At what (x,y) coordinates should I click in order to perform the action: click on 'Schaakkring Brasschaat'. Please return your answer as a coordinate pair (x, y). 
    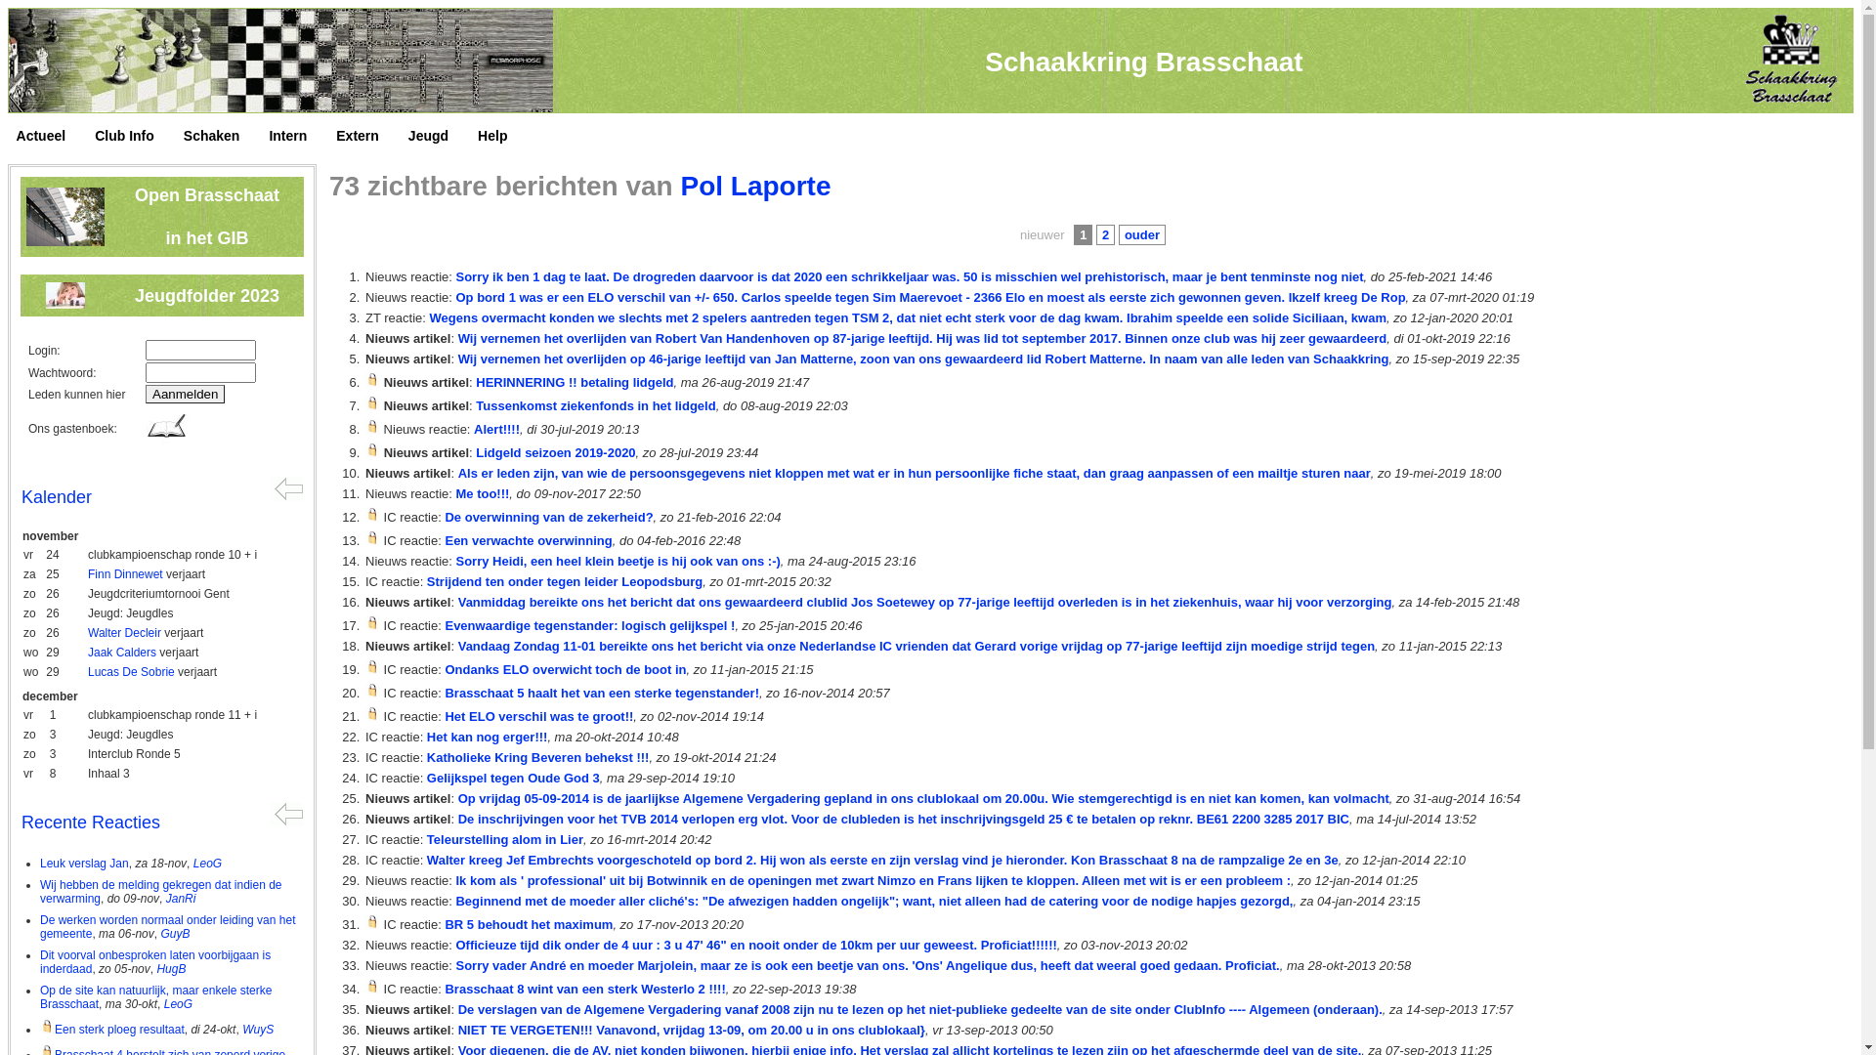
    Looking at the image, I should click on (8, 60).